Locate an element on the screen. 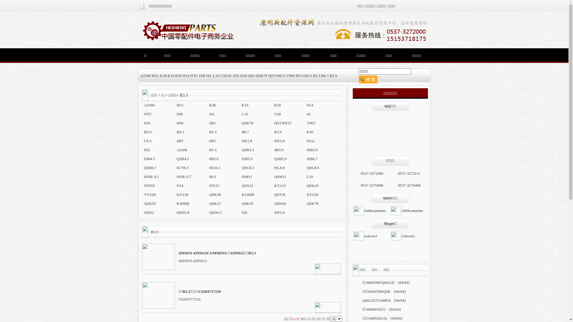  'A2300' is located at coordinates (181, 149).